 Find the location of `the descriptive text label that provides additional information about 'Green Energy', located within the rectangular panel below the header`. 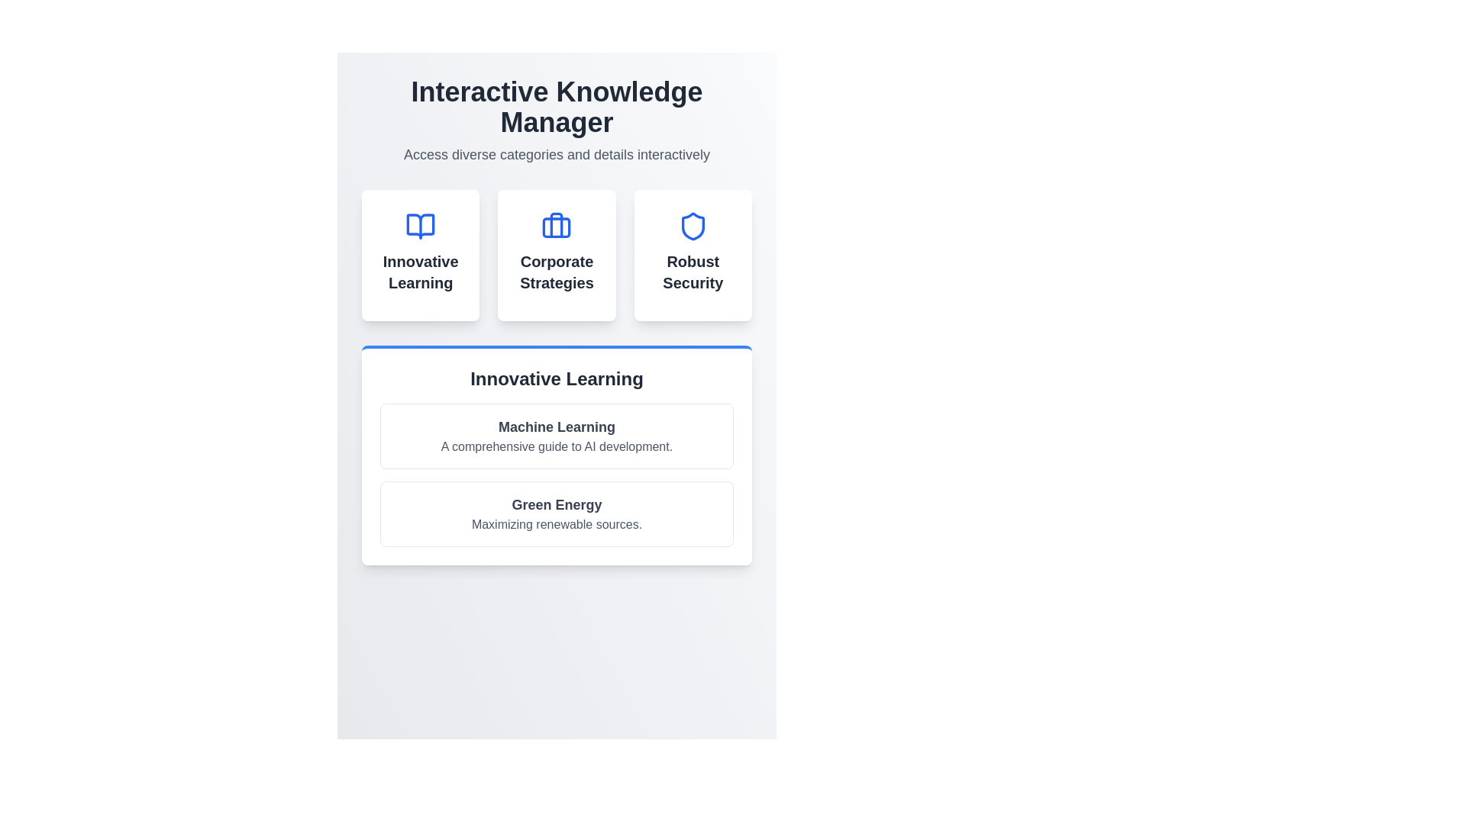

the descriptive text label that provides additional information about 'Green Energy', located within the rectangular panel below the header is located at coordinates (556, 523).